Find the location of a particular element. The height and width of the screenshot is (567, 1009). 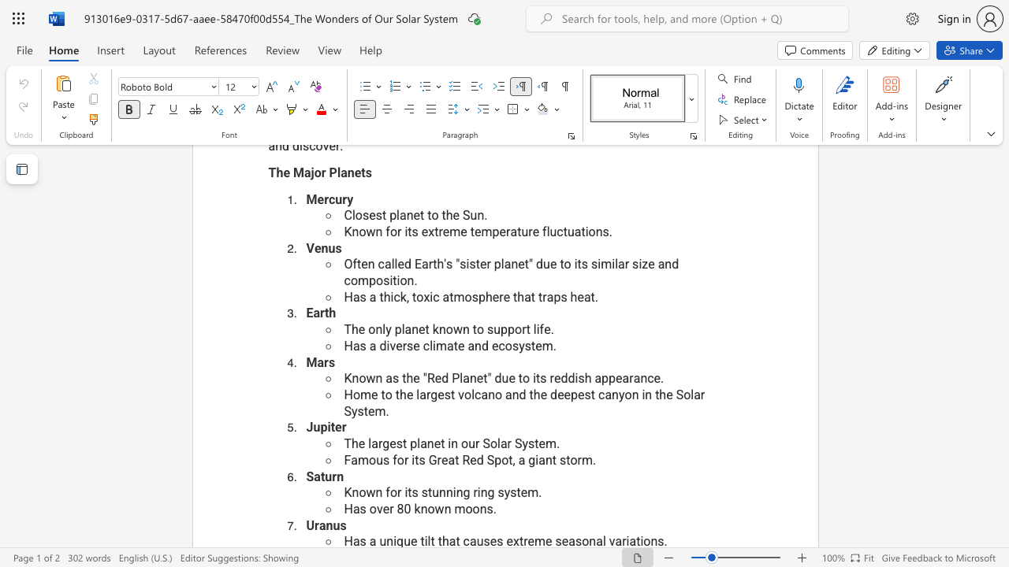

the subset text "system" within the text "Has a diverse climate and ecosystem." is located at coordinates (512, 345).